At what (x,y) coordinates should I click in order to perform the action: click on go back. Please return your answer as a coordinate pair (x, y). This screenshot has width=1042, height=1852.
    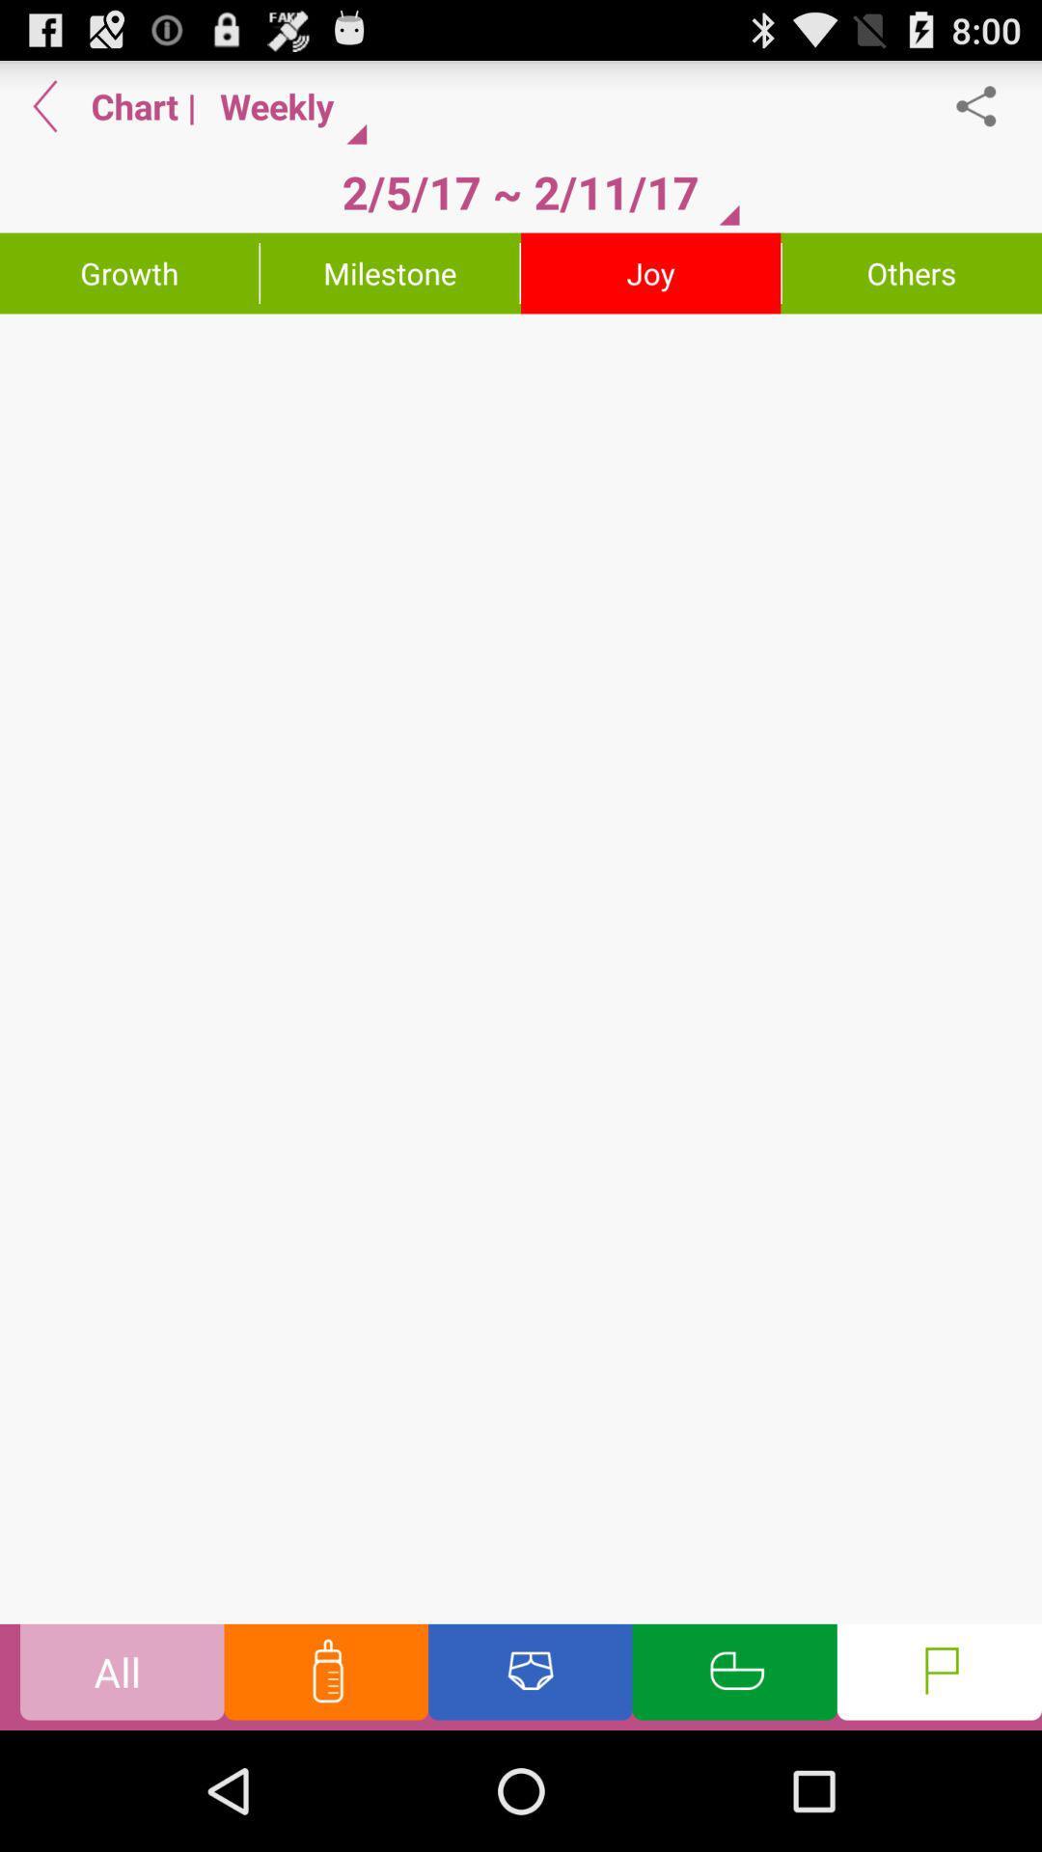
    Looking at the image, I should click on (44, 105).